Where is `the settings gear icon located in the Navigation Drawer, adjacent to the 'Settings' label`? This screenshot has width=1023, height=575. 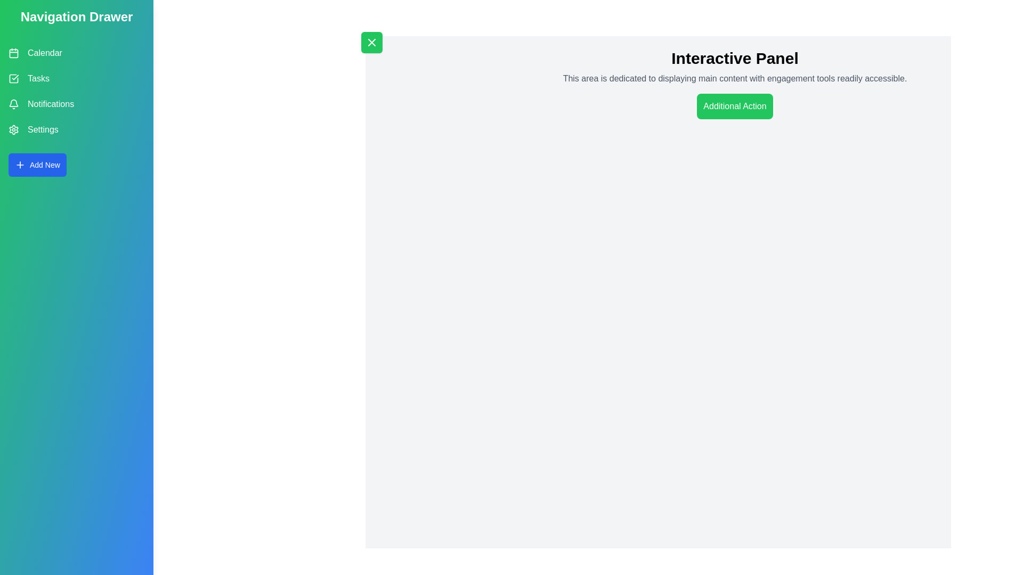
the settings gear icon located in the Navigation Drawer, adjacent to the 'Settings' label is located at coordinates (13, 129).